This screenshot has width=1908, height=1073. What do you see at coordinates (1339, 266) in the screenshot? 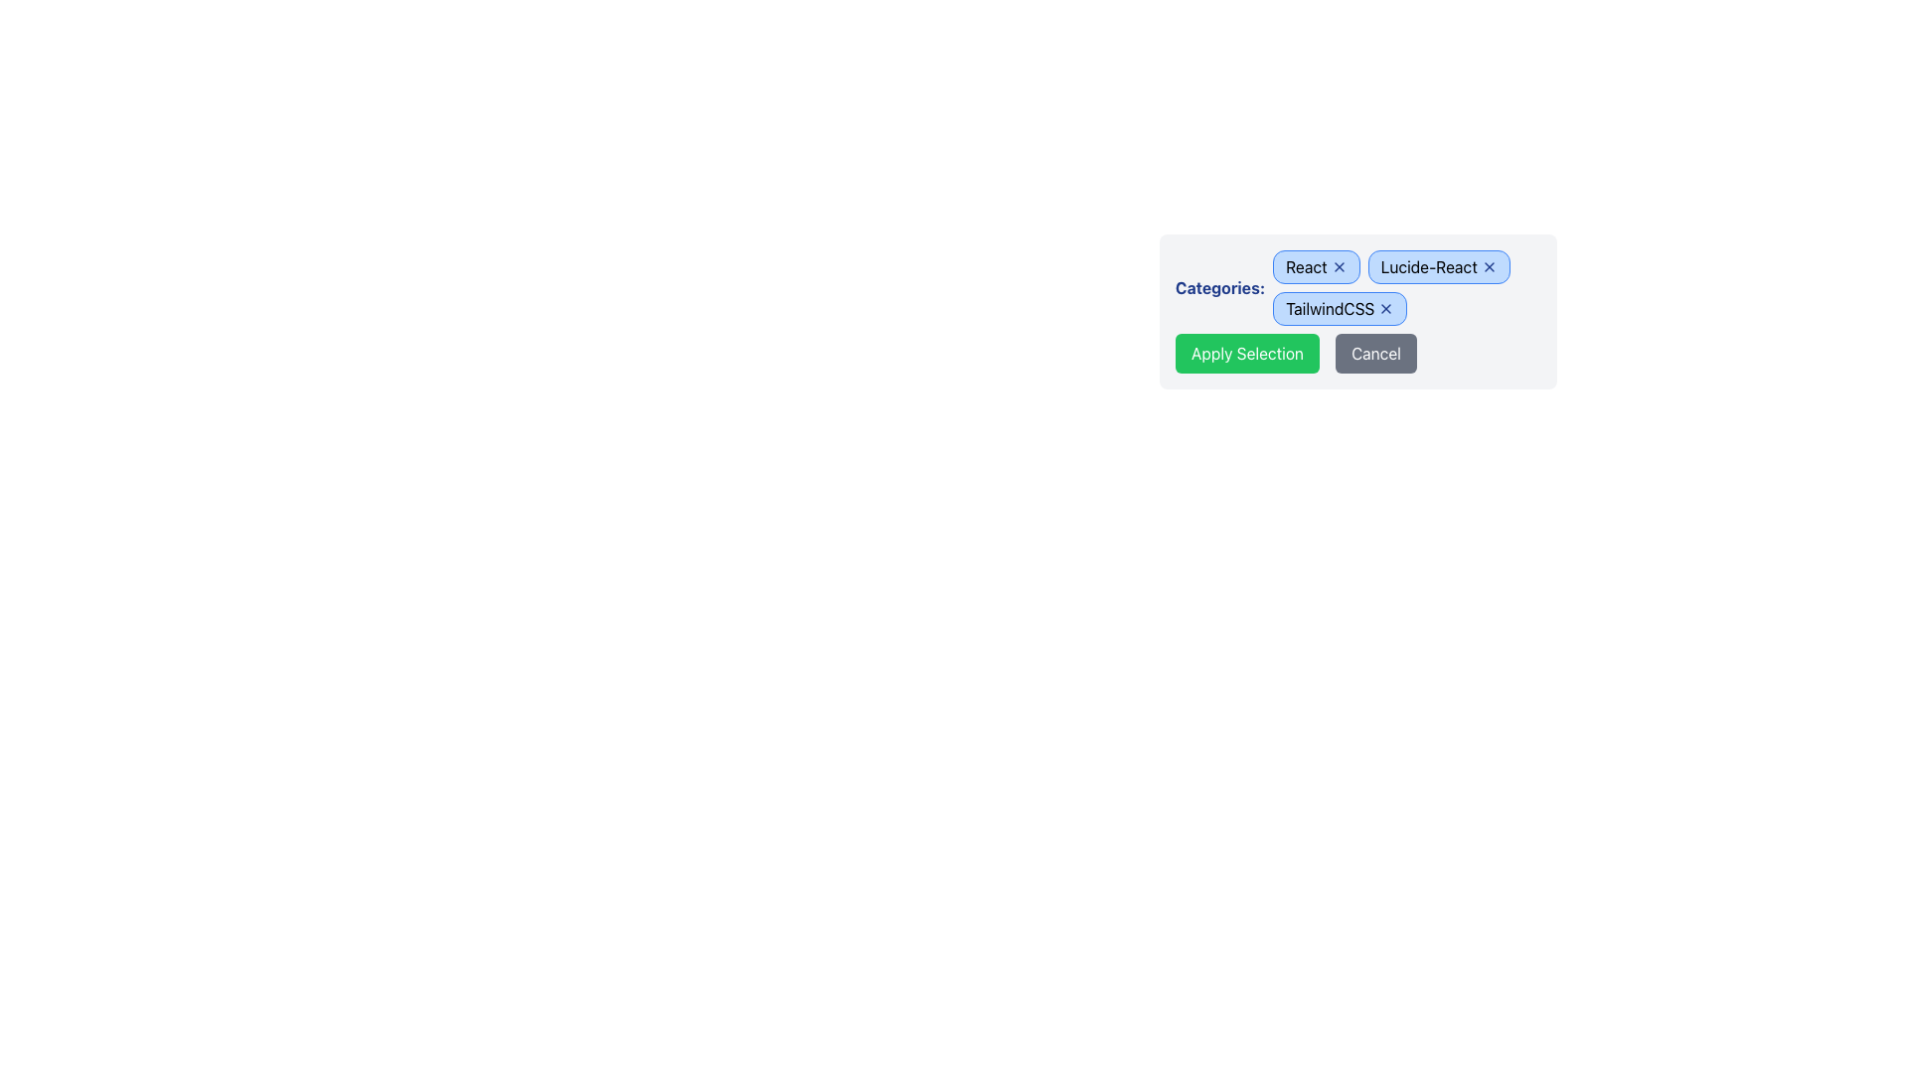
I see `the close button for the 'React' category` at bounding box center [1339, 266].